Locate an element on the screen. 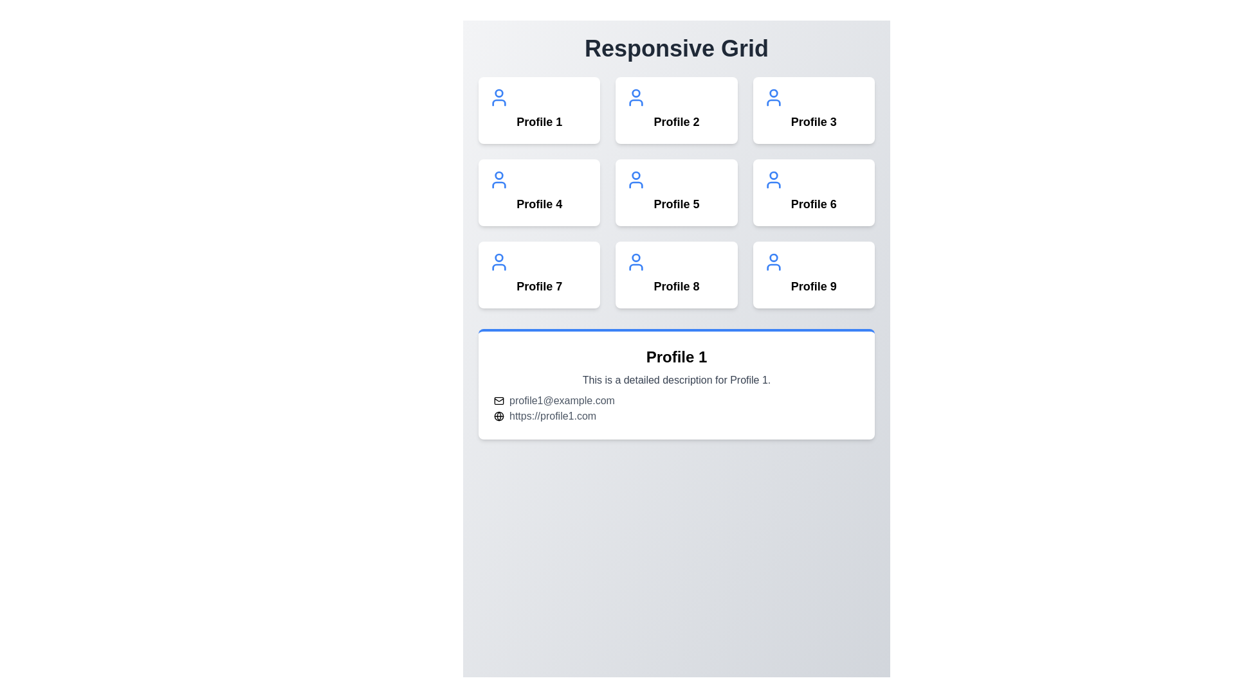 The height and width of the screenshot is (694, 1235). the profile card located in the bottom-right corner of a grid layout is located at coordinates (813, 274).